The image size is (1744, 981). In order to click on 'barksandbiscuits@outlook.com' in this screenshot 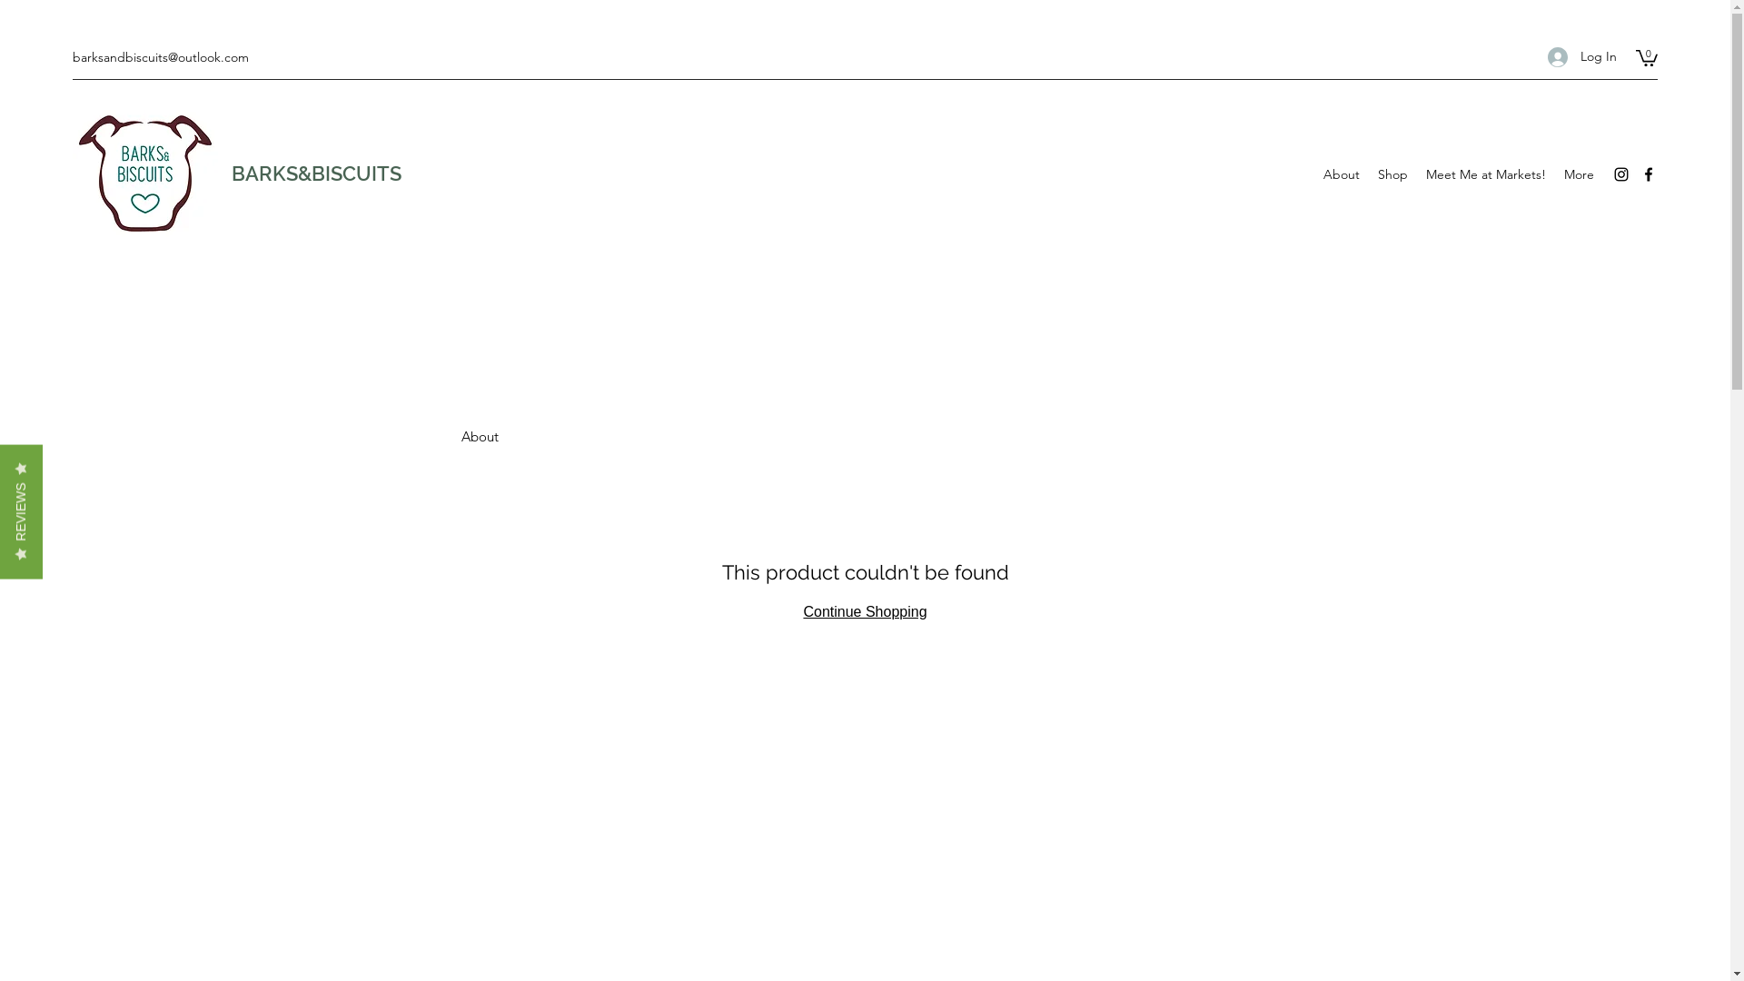, I will do `click(161, 55)`.